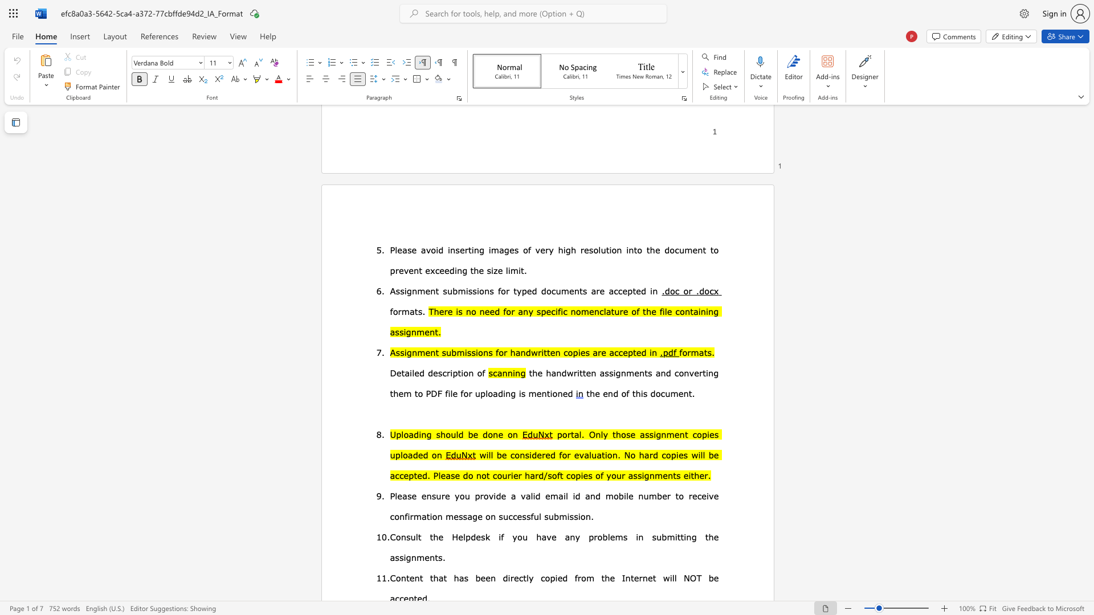 The width and height of the screenshot is (1094, 615). Describe the element at coordinates (450, 392) in the screenshot. I see `the subset text "le for uploading is menti" within the text "the handwritten assignments and converting them to PDF file for uploading is mentioned"` at that location.